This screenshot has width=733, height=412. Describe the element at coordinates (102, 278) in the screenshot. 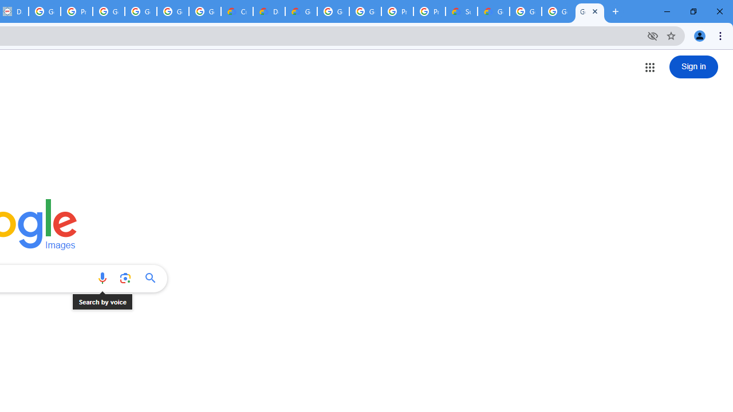

I see `'Search by voice'` at that location.